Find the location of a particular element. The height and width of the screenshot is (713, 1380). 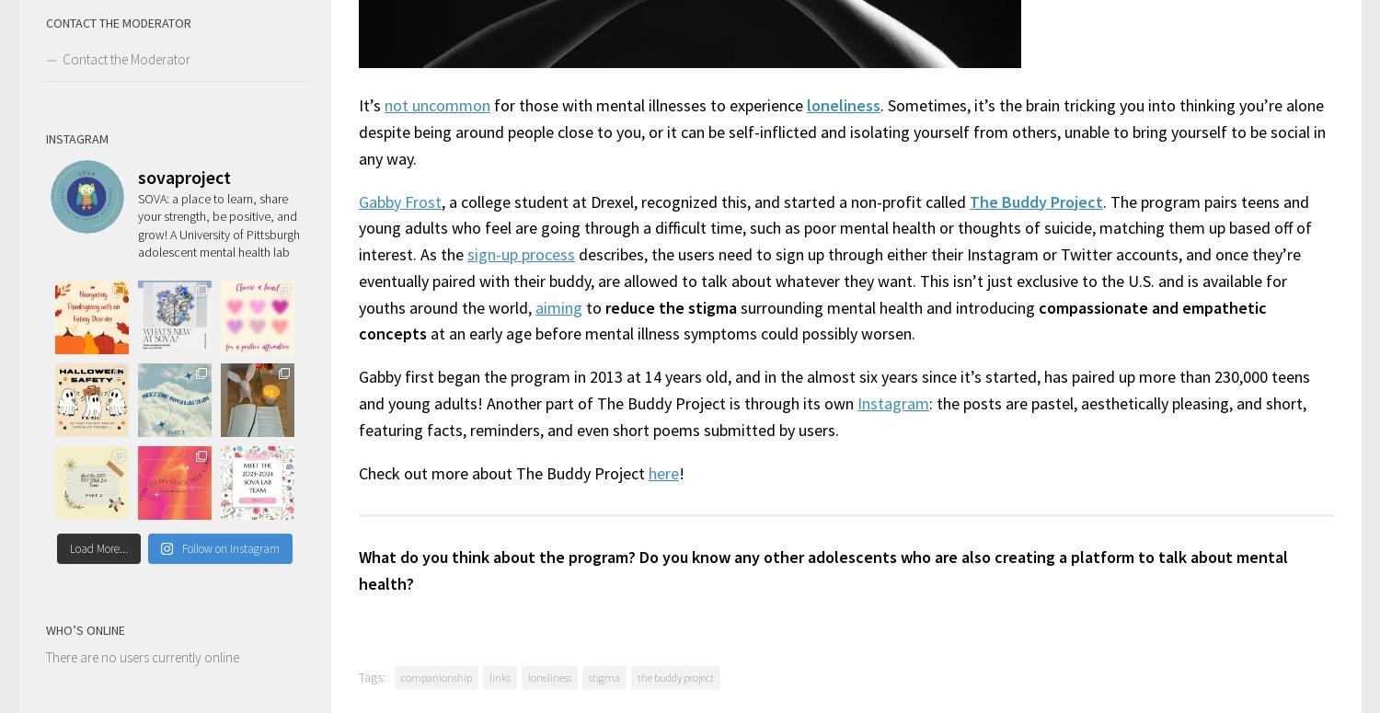

', a college student at Drexel, recognized this, and started a non-profit called' is located at coordinates (705, 200).